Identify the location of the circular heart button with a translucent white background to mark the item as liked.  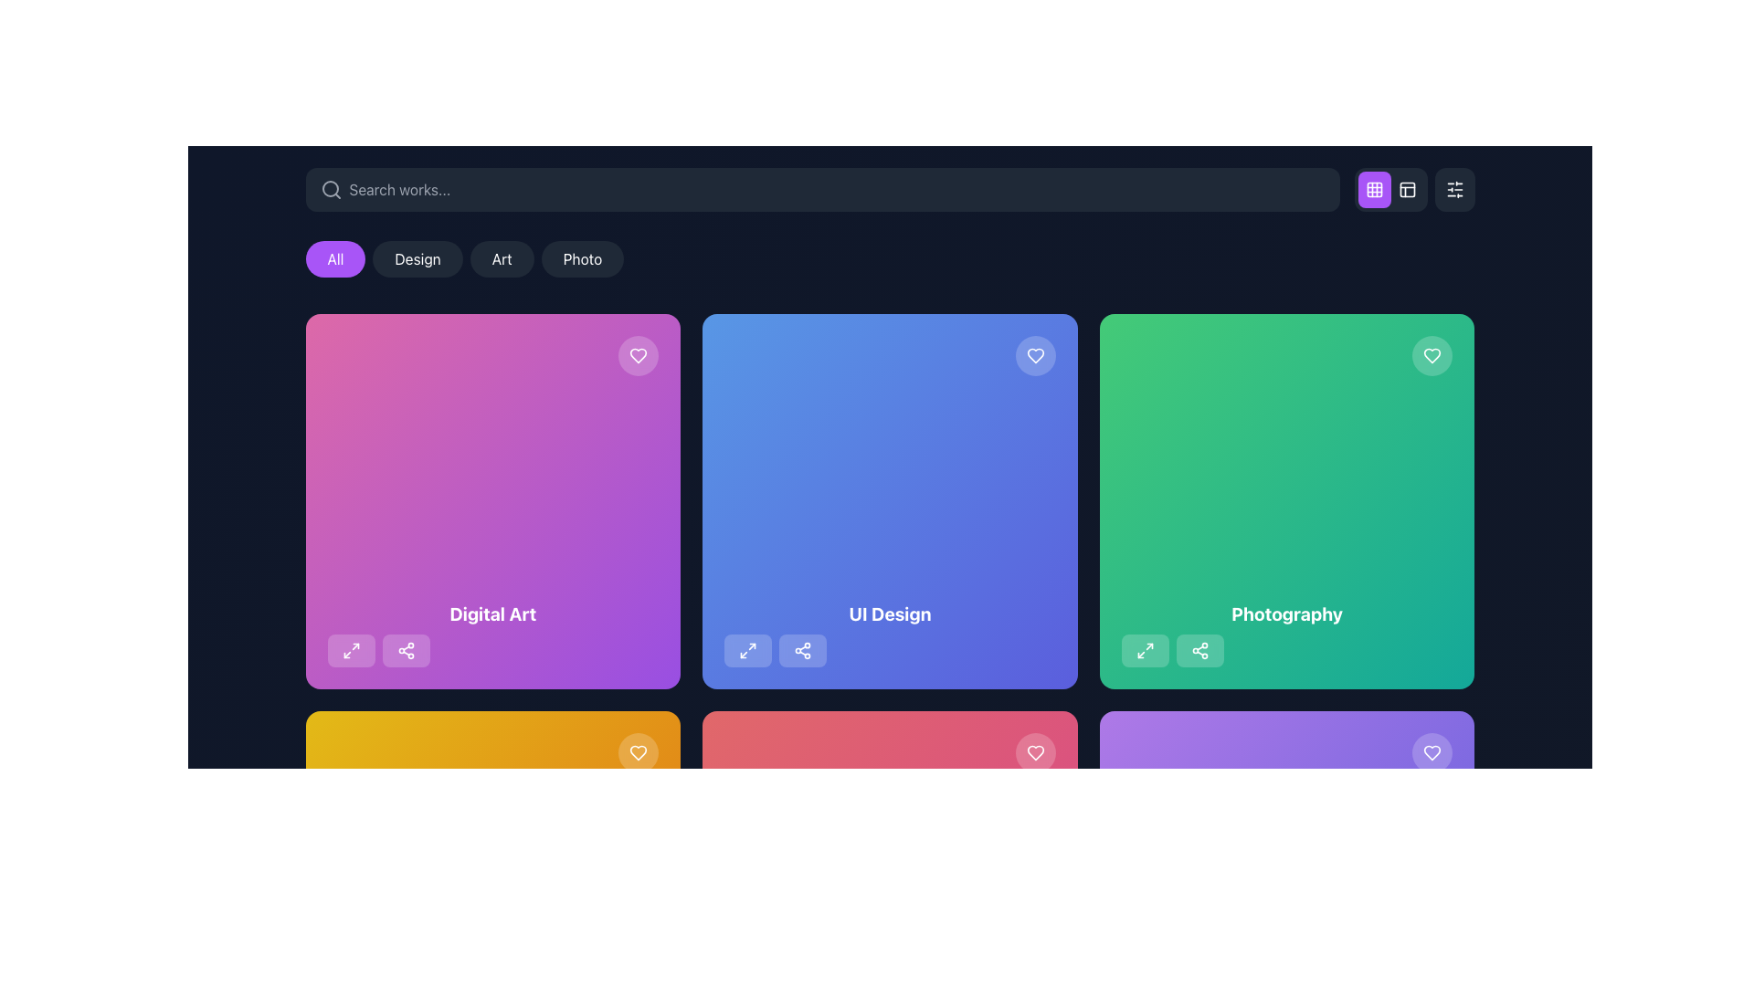
(1432, 752).